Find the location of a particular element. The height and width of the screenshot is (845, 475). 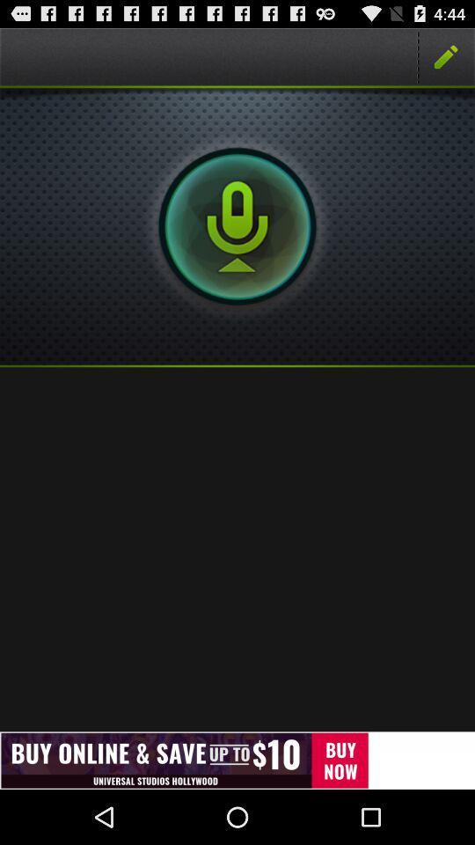

press on advertisement banner is located at coordinates (237, 760).